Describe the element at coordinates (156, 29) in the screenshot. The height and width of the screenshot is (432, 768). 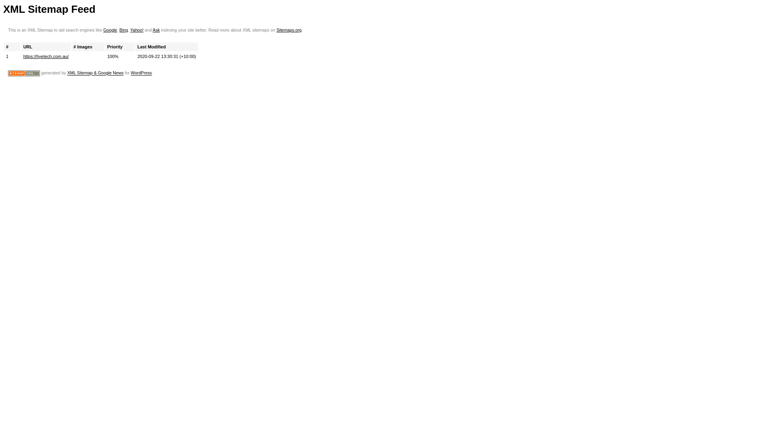
I see `'Ask'` at that location.